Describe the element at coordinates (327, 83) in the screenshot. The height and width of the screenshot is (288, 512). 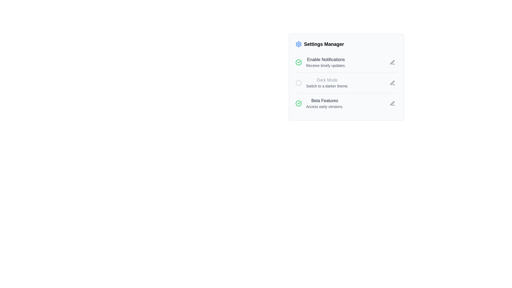
I see `descriptive text block labeled 'Dark Mode' which contains instructions to switch to a darker theme, positioned in the settings manager` at that location.